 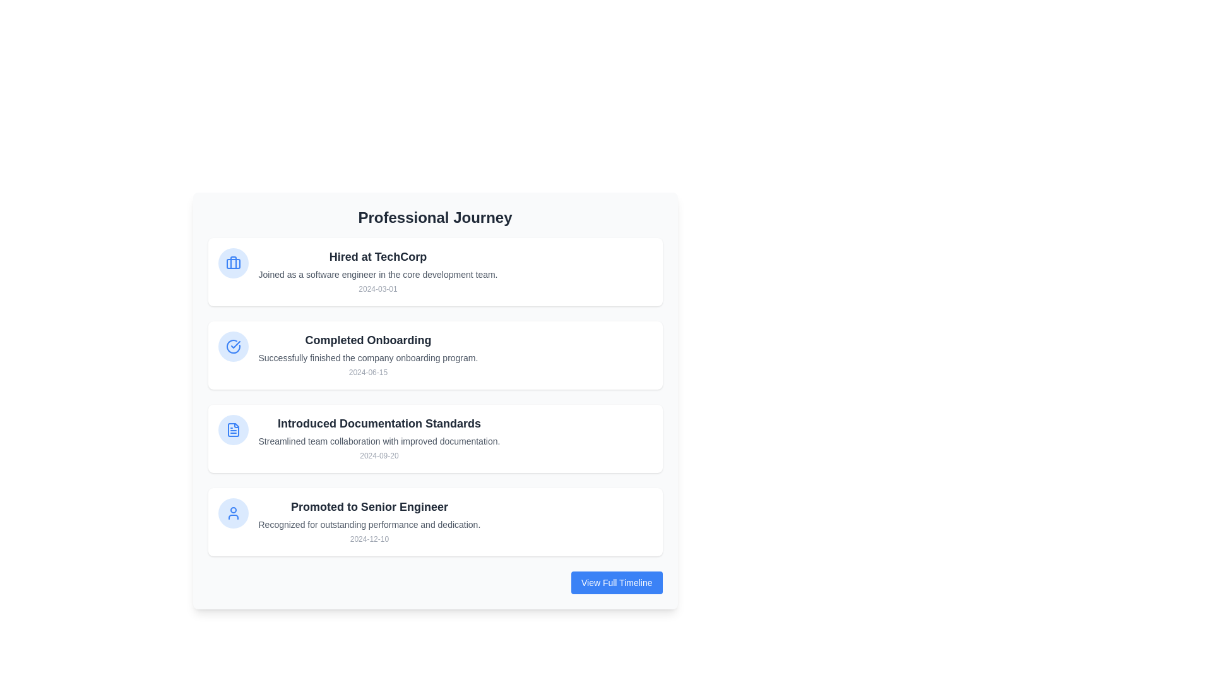 What do you see at coordinates (233, 262) in the screenshot?
I see `the professional milestone icon representing 'Hired at TechCorp', located at the left edge of the first card above the title` at bounding box center [233, 262].